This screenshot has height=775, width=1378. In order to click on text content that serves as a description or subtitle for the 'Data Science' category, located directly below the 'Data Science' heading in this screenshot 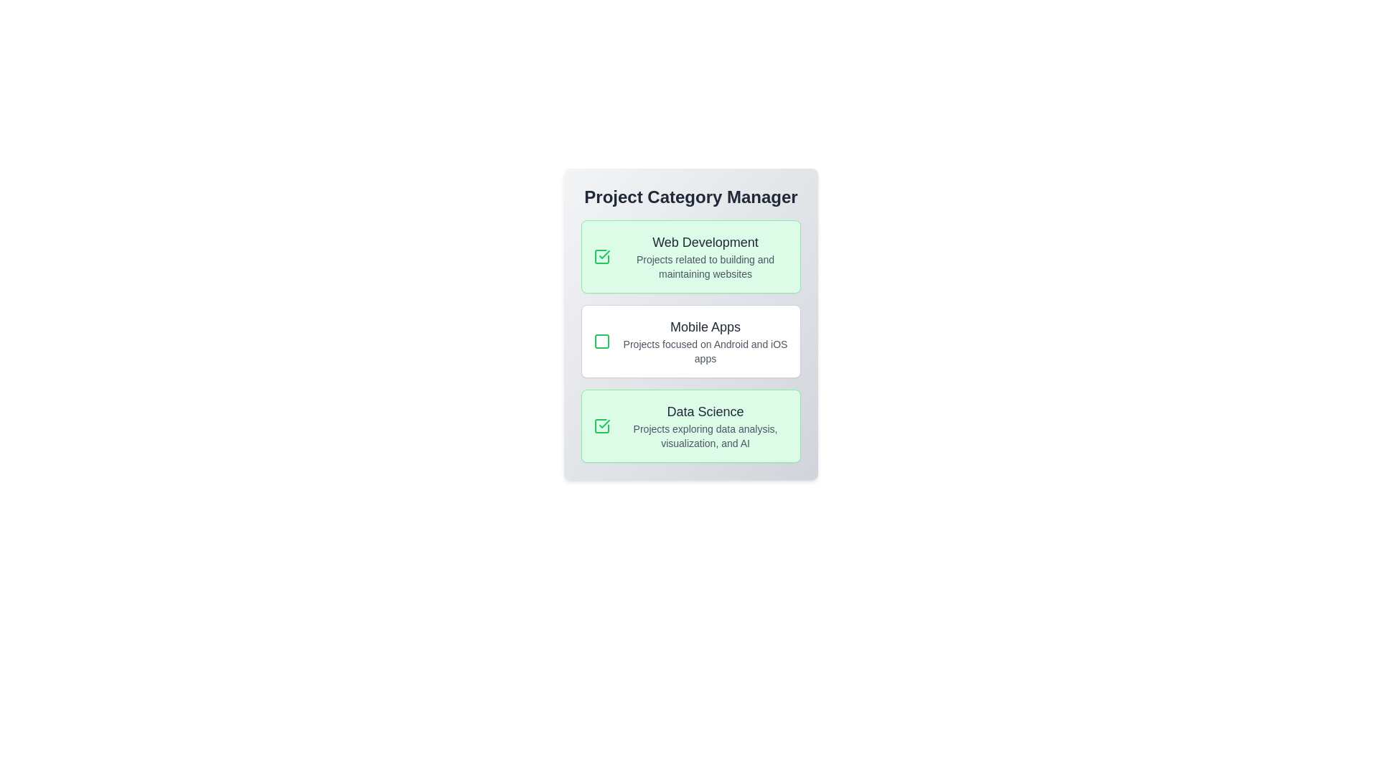, I will do `click(706, 436)`.